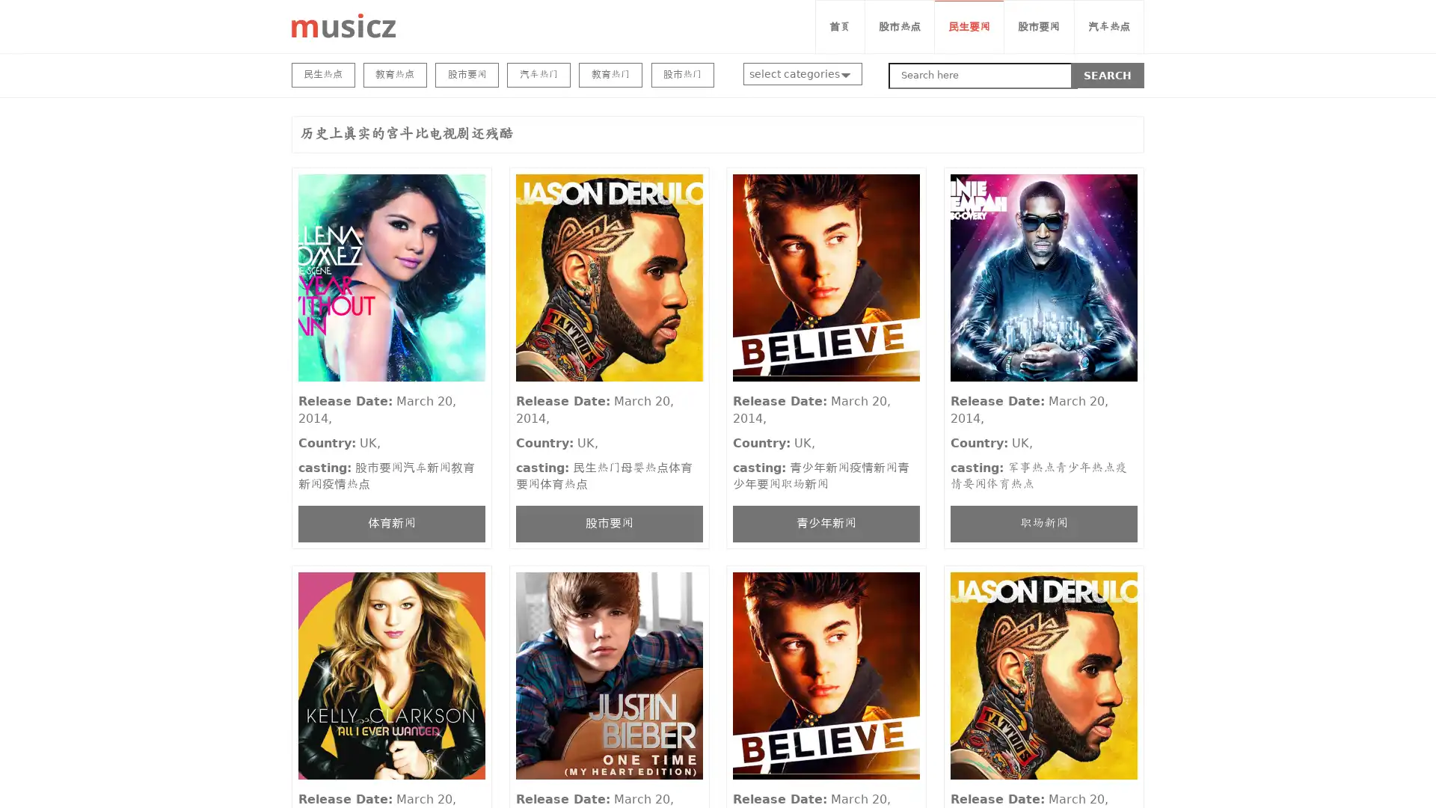 The width and height of the screenshot is (1436, 808). What do you see at coordinates (1108, 75) in the screenshot?
I see `search` at bounding box center [1108, 75].